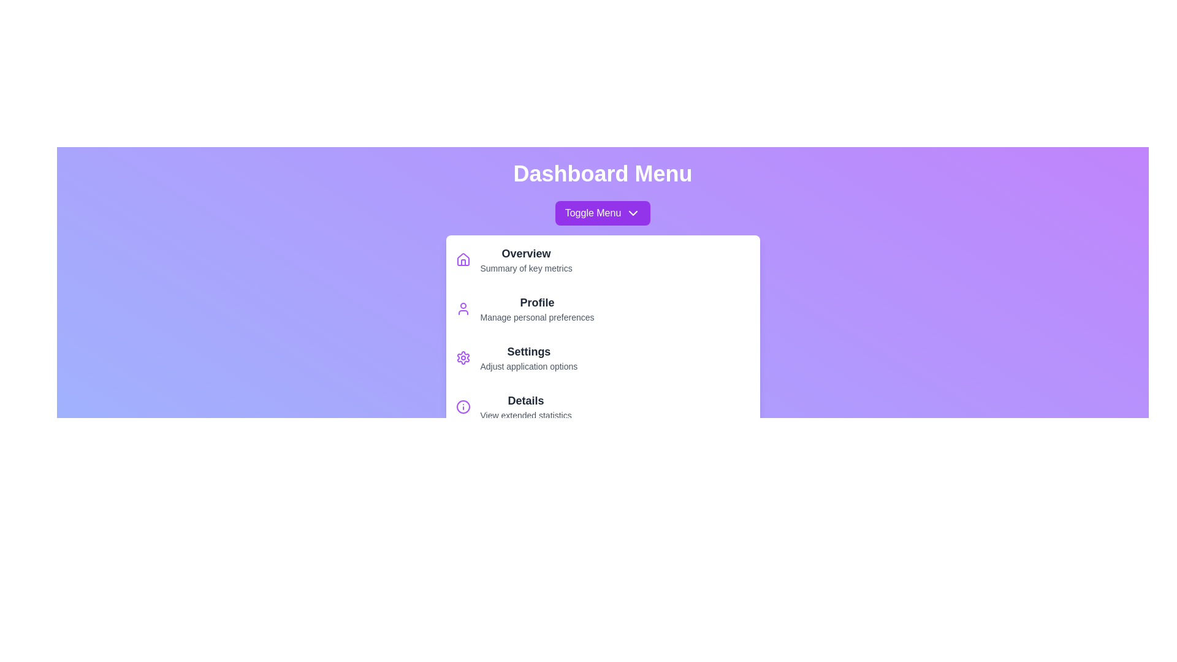  Describe the element at coordinates (603, 357) in the screenshot. I see `the menu item labeled Settings to highlight it` at that location.